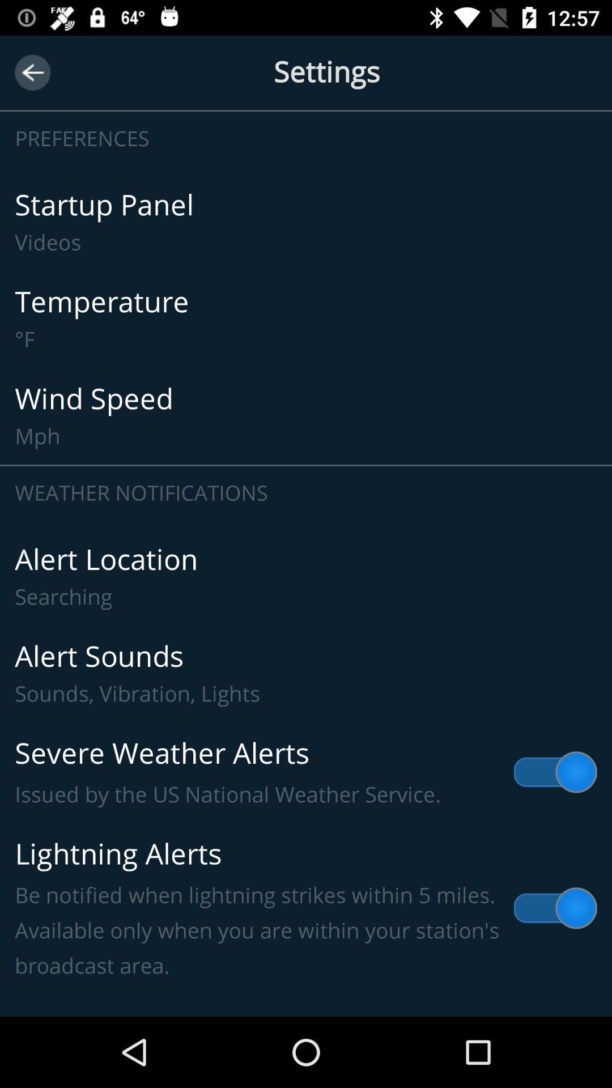 Image resolution: width=612 pixels, height=1088 pixels. I want to click on startup panel, so click(306, 222).